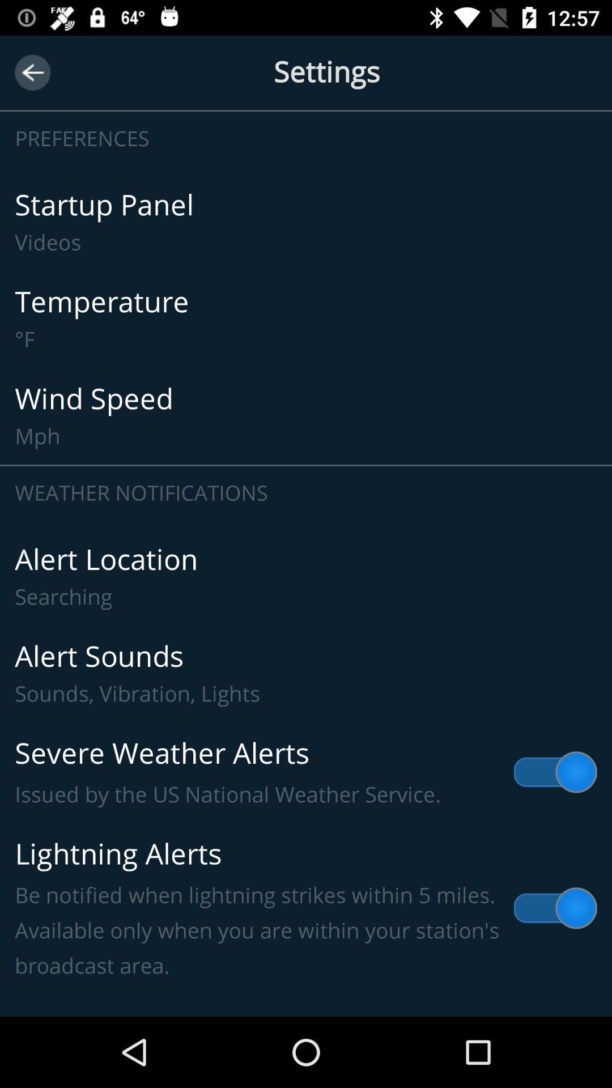 Image resolution: width=612 pixels, height=1088 pixels. I want to click on startup panel, so click(306, 222).